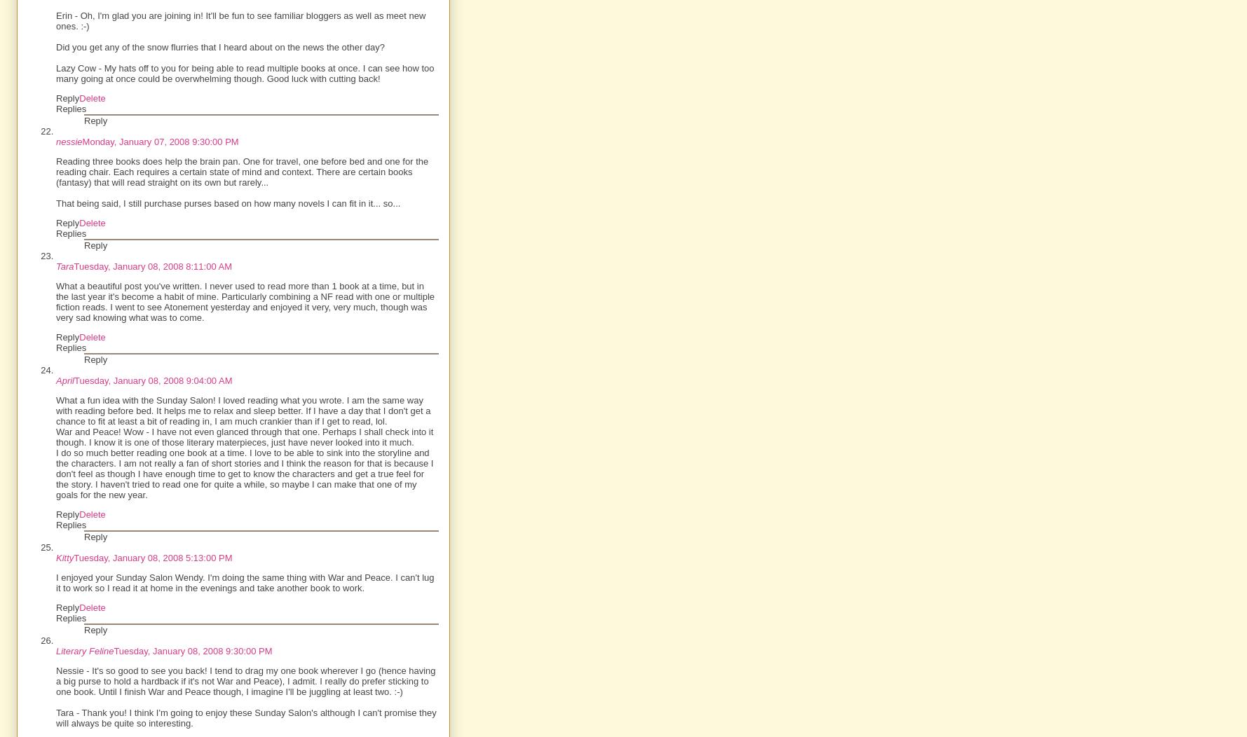  Describe the element at coordinates (193, 650) in the screenshot. I see `'Tuesday, January 08, 2008 9:30:00 PM'` at that location.